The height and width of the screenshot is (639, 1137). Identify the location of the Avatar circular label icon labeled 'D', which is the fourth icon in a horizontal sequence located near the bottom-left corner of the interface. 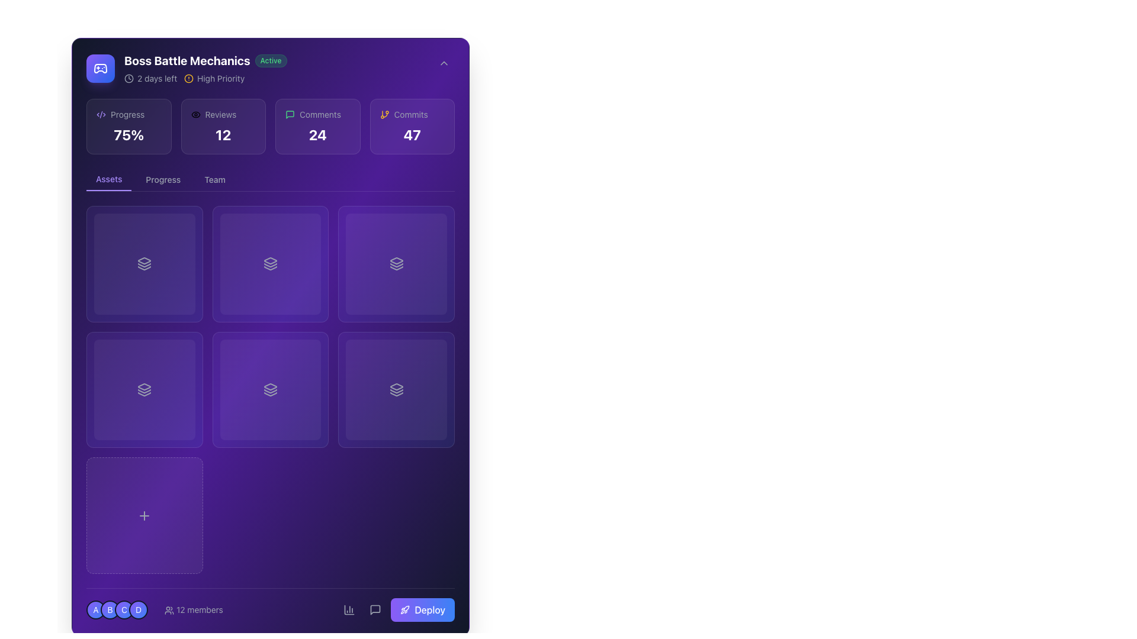
(139, 609).